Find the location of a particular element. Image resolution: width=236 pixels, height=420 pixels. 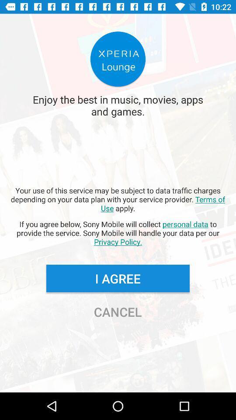

your use of is located at coordinates (118, 199).